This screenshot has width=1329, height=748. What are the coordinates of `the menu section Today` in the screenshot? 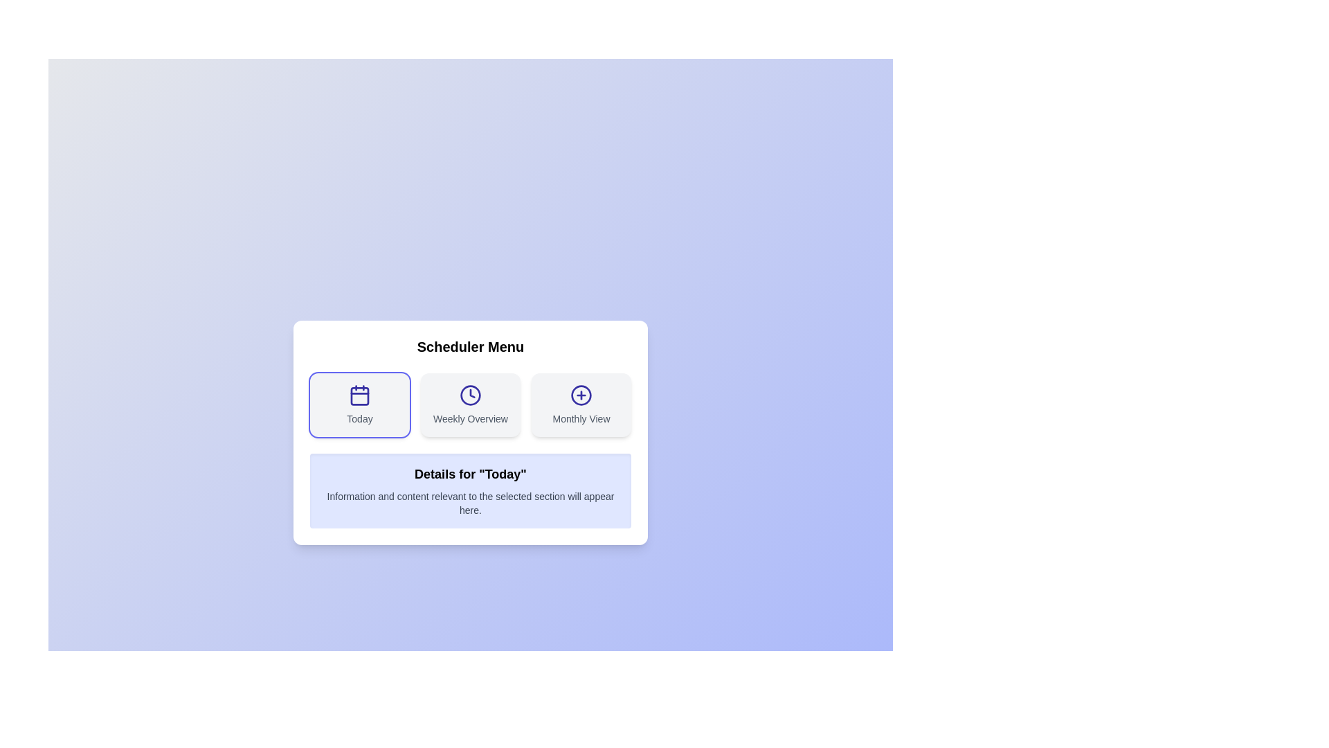 It's located at (359, 405).